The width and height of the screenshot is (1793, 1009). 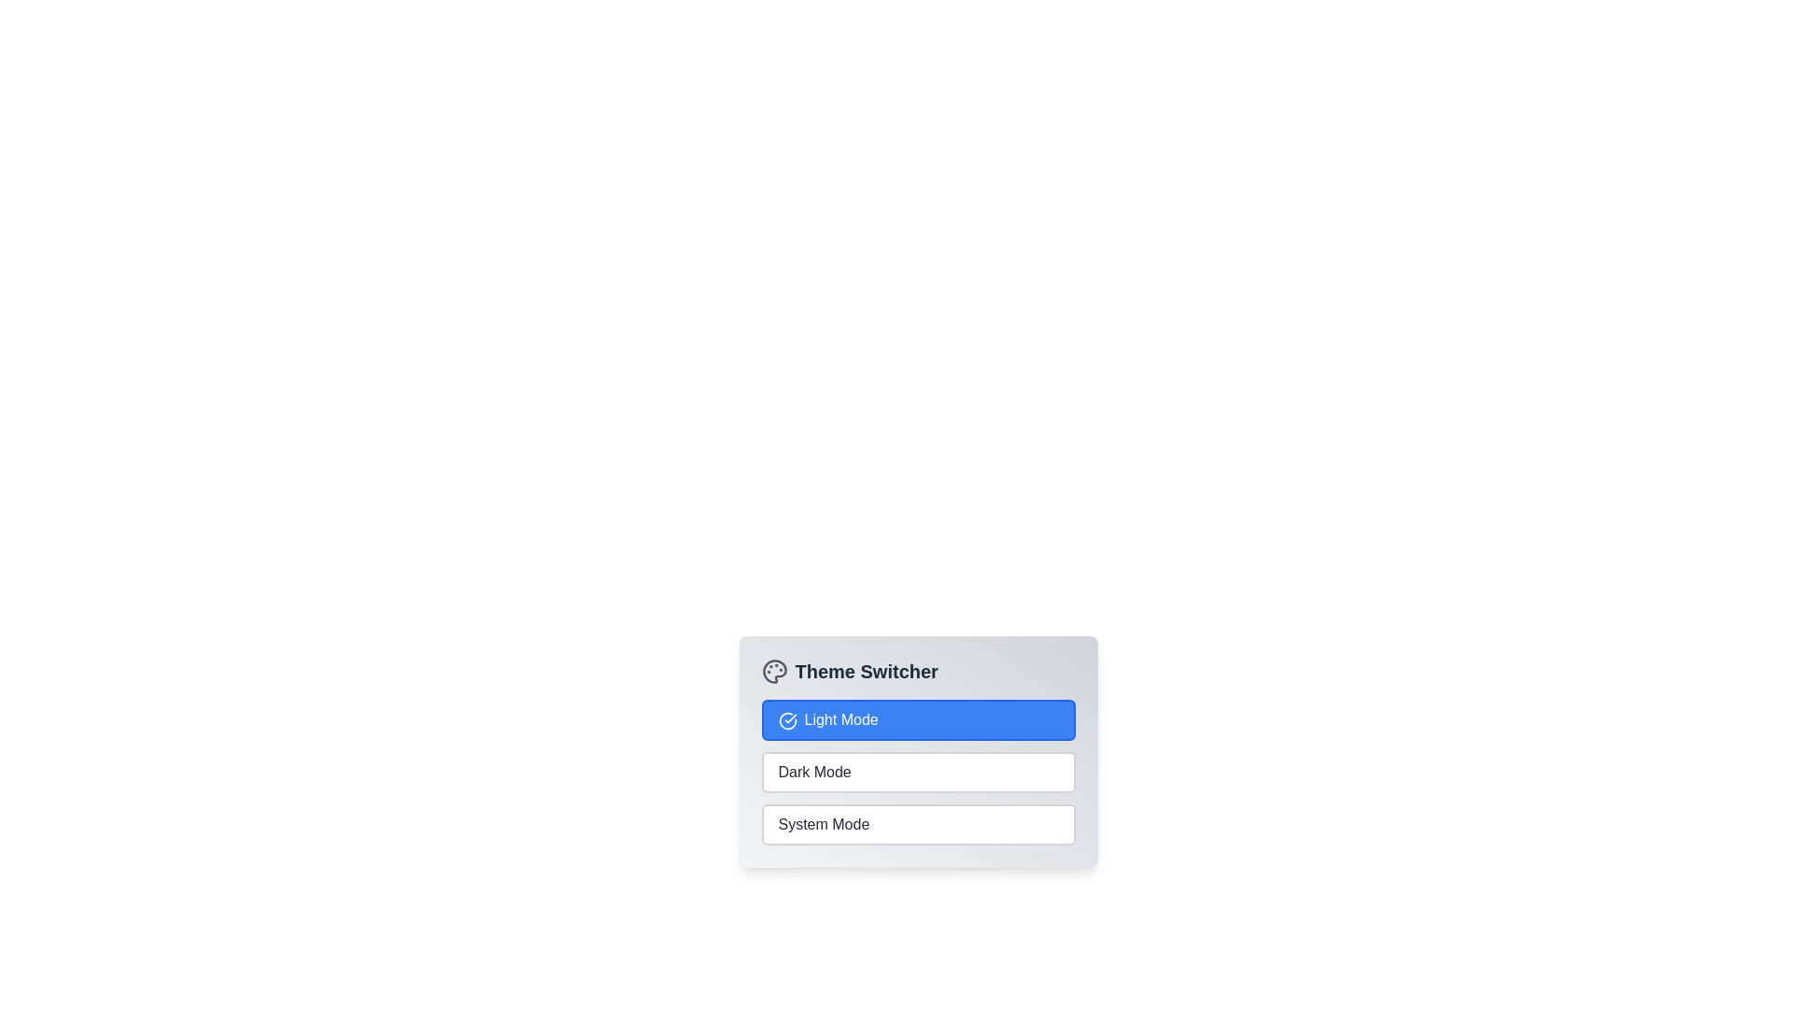 I want to click on the theme option Light Mode to switch to the corresponding theme, so click(x=918, y=719).